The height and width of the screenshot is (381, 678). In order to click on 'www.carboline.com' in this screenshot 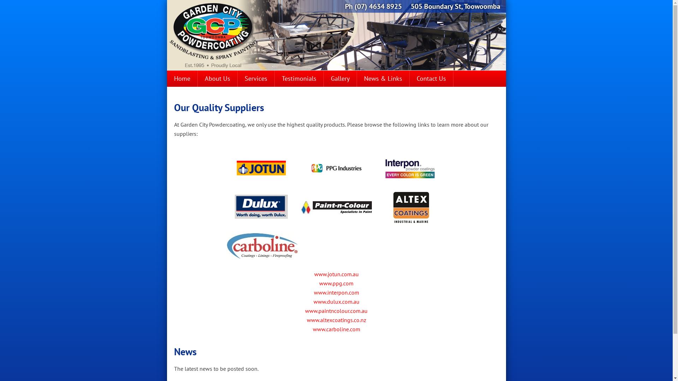, I will do `click(336, 329)`.